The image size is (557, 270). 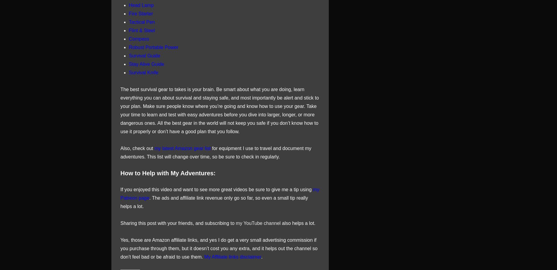 What do you see at coordinates (235, 223) in the screenshot?
I see `'my YouTube channel'` at bounding box center [235, 223].